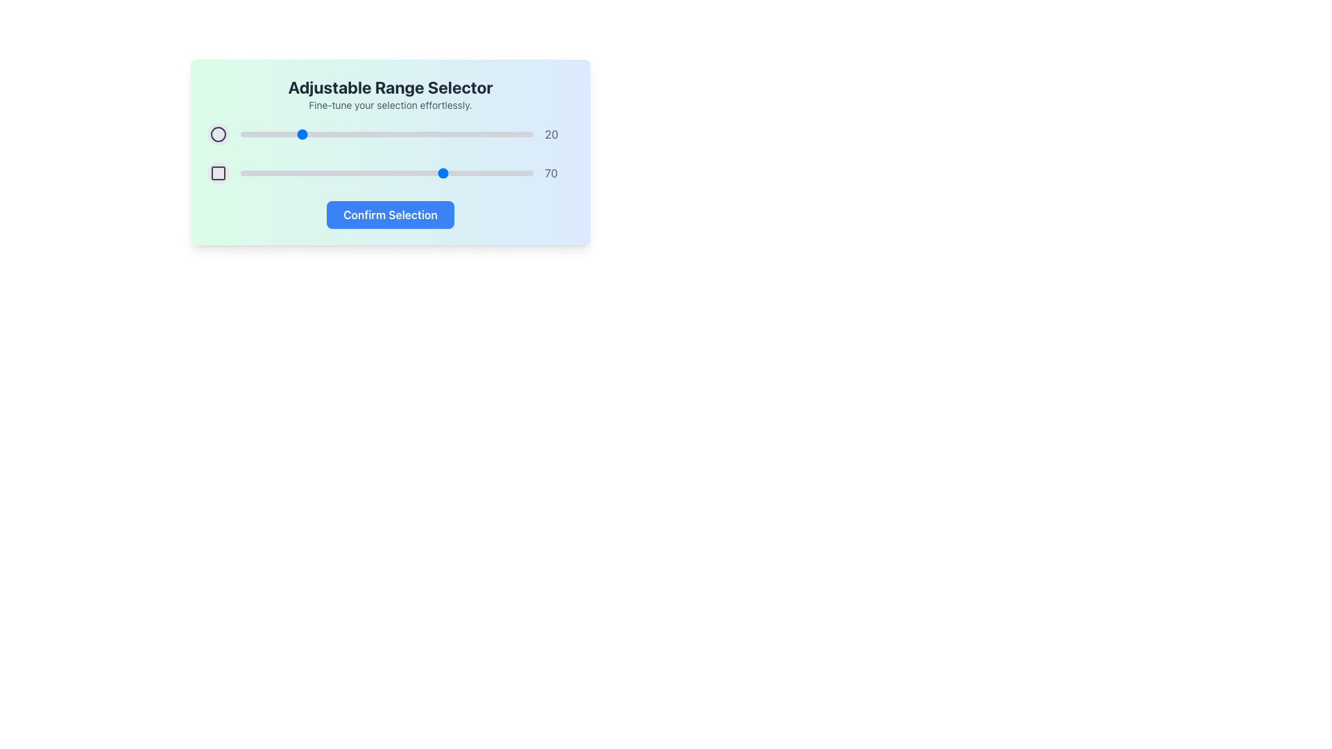  I want to click on the slider value, so click(481, 173).